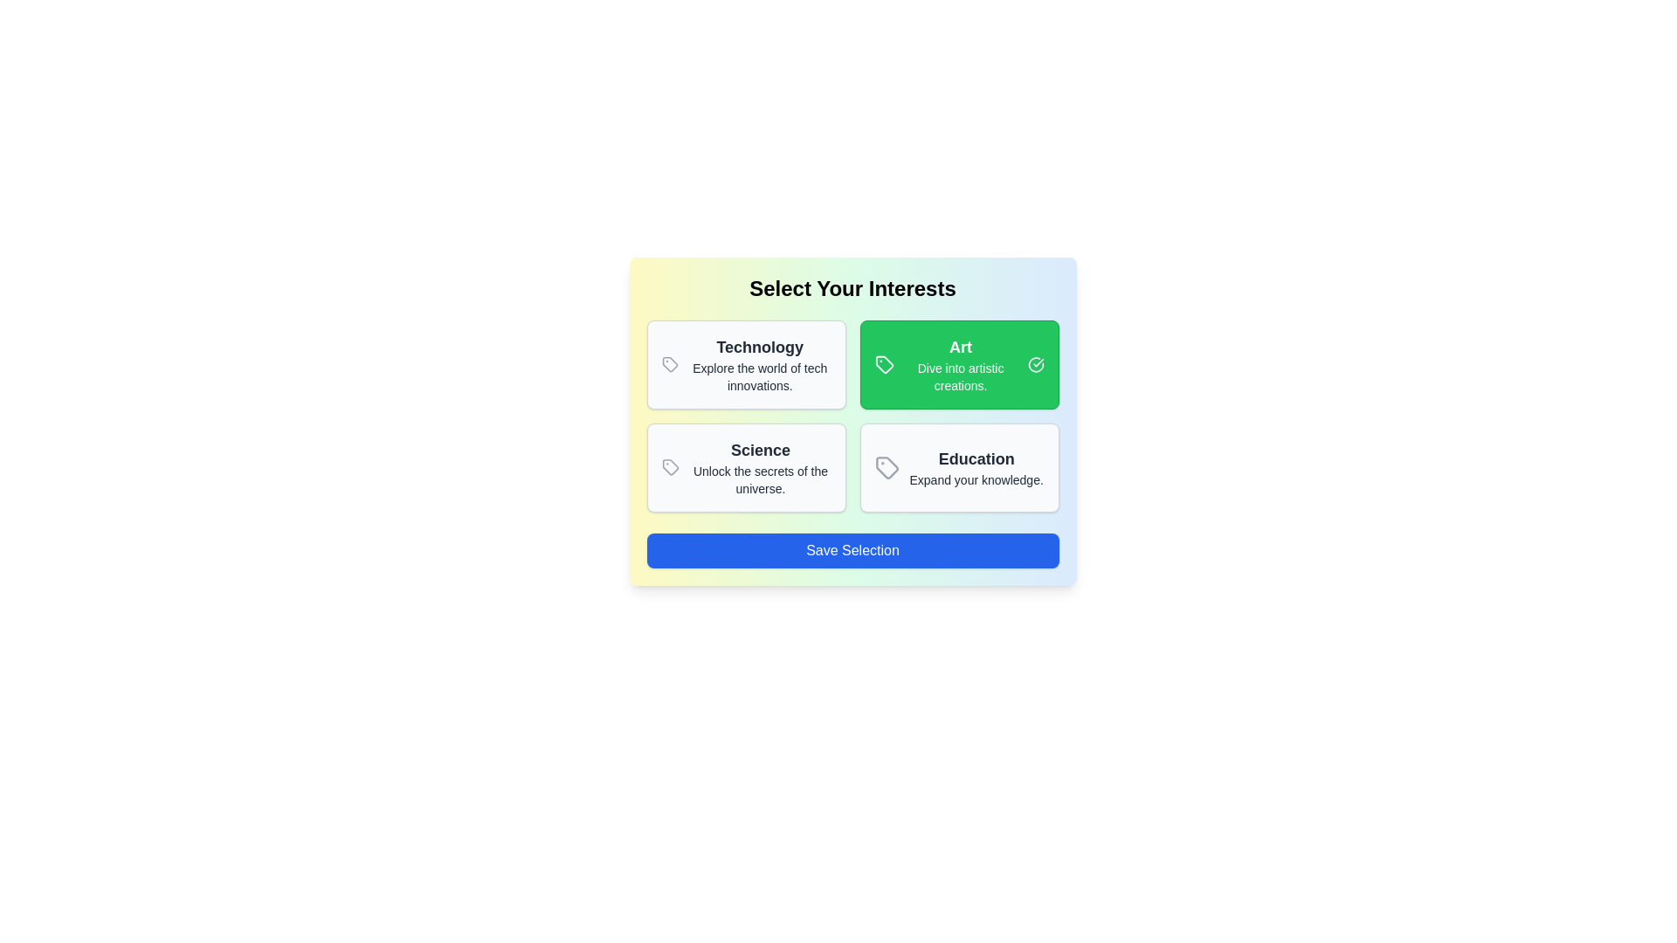 The height and width of the screenshot is (943, 1677). I want to click on the category card for Science, so click(746, 467).